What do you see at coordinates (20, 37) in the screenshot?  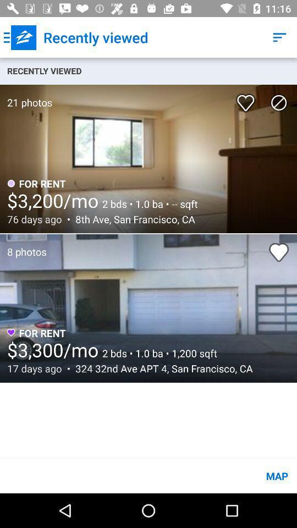 I see `icon next to the recently viewed` at bounding box center [20, 37].